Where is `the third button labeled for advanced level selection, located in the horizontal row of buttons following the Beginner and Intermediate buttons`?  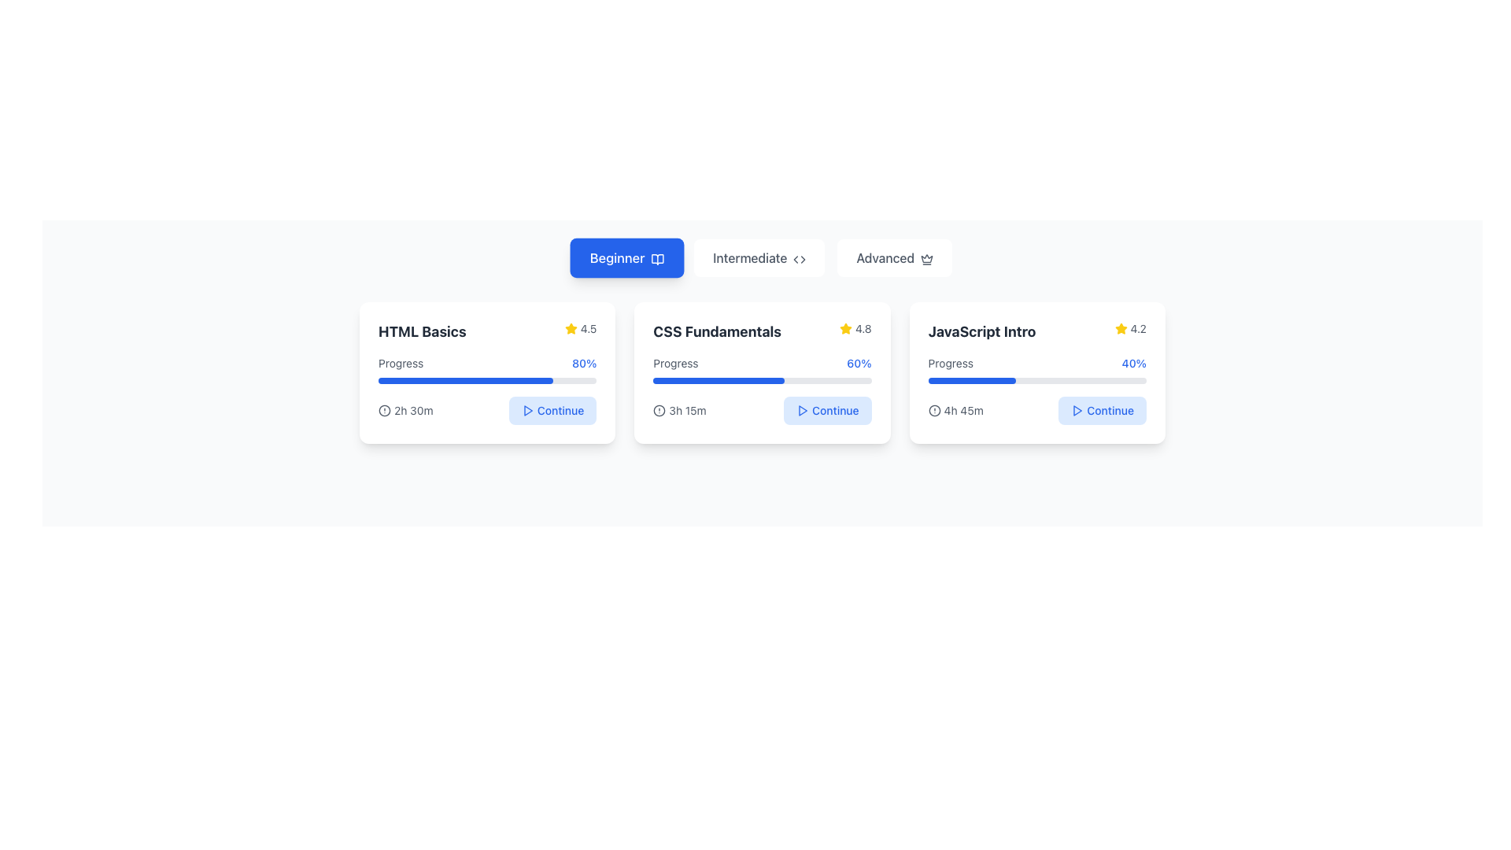 the third button labeled for advanced level selection, located in the horizontal row of buttons following the Beginner and Intermediate buttons is located at coordinates (895, 257).